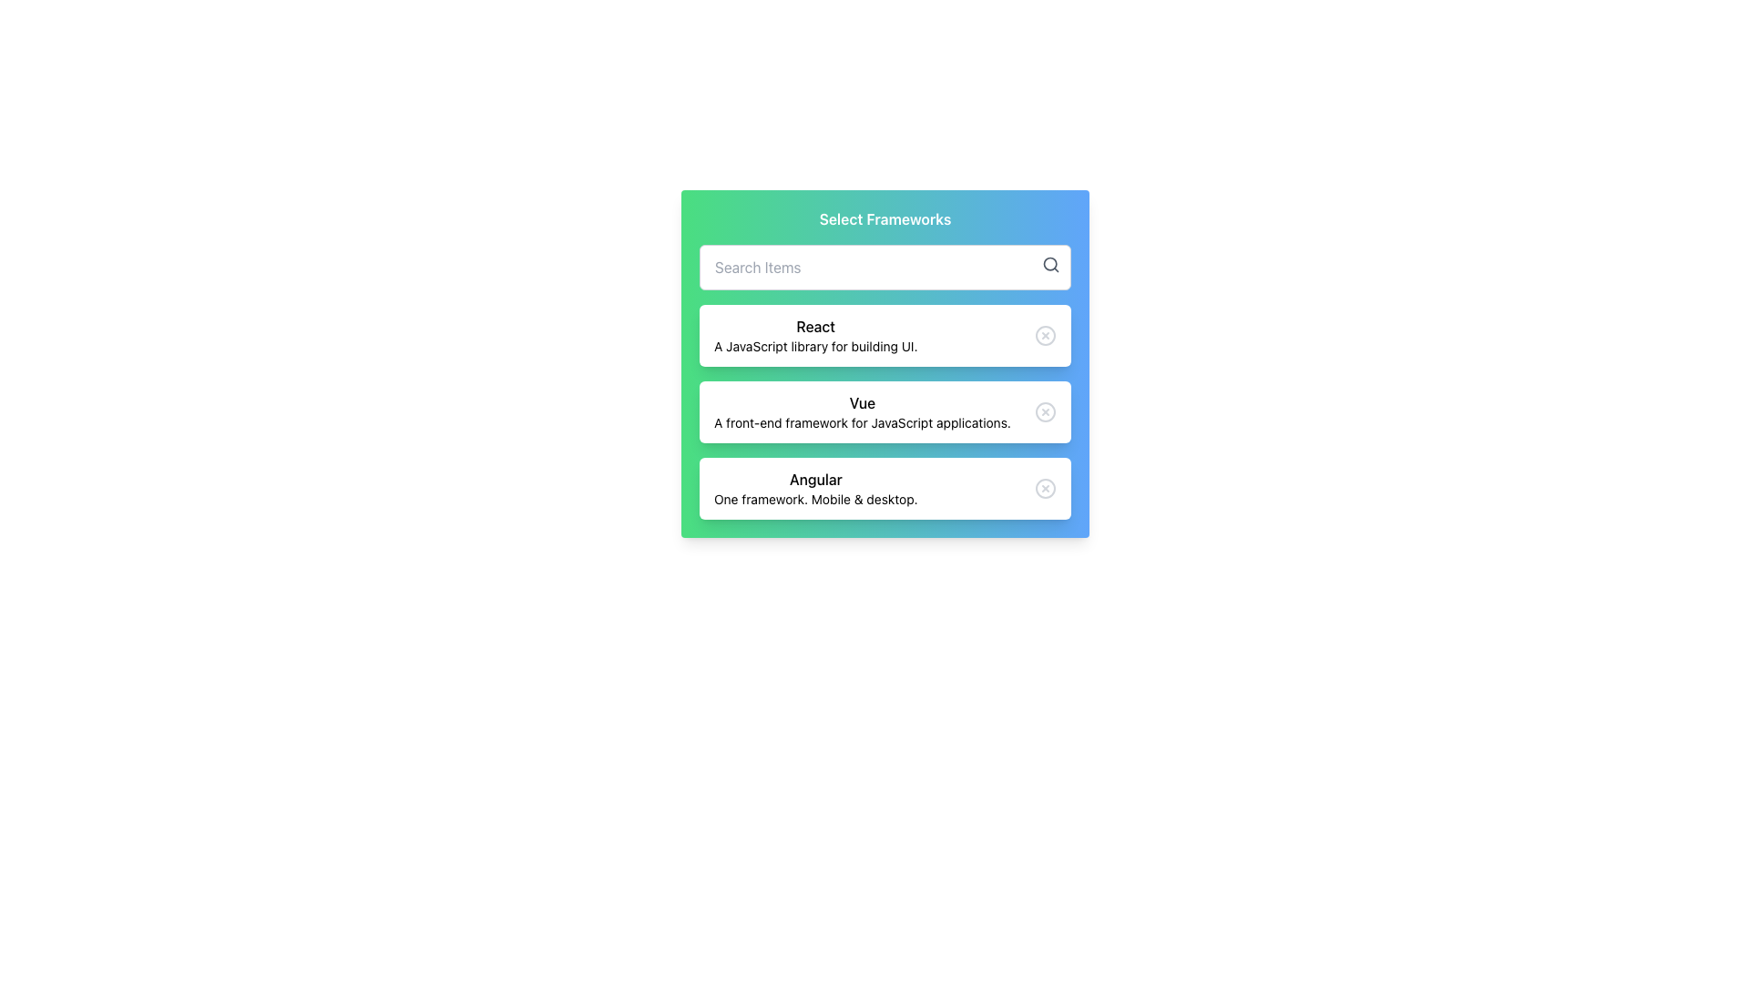  I want to click on the 'Vue' framework option in the selection list, so click(885, 411).